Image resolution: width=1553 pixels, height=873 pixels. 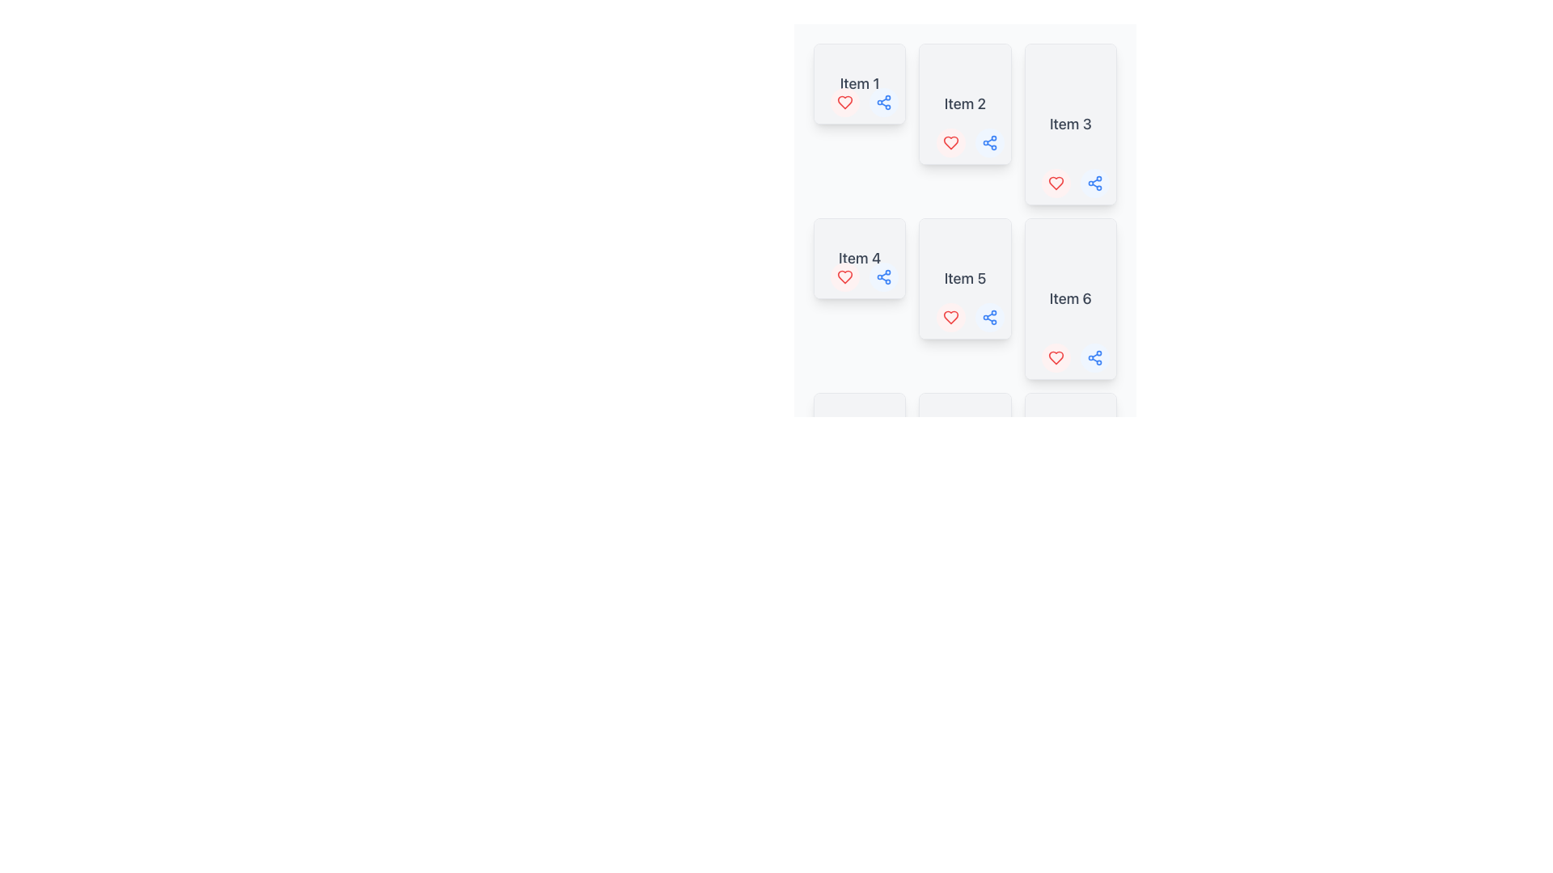 I want to click on the text label that serves as the title or identifier for the card containing 'Item 6', located in the third column of the second row in a grid layout, so click(x=1070, y=299).